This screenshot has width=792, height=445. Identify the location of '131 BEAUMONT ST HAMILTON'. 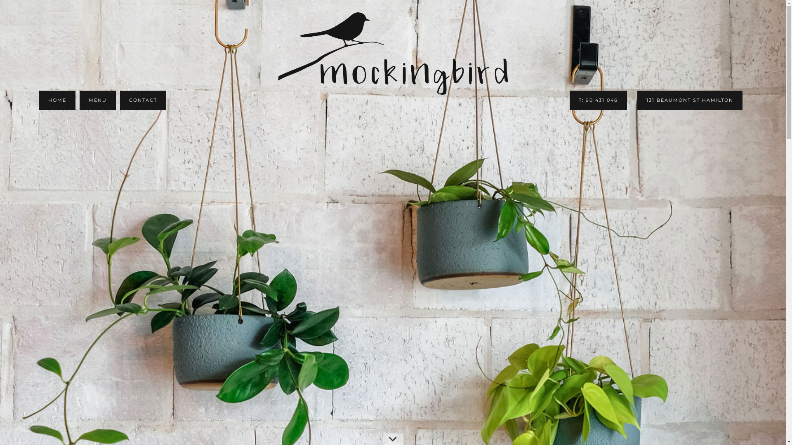
(690, 100).